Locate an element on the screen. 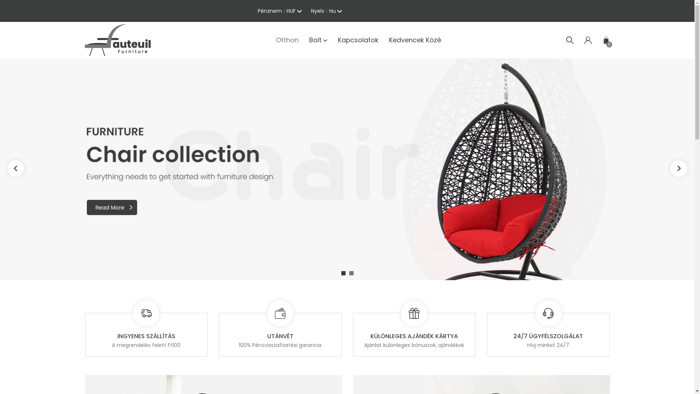 The height and width of the screenshot is (394, 700). 'Bolt' is located at coordinates (318, 40).